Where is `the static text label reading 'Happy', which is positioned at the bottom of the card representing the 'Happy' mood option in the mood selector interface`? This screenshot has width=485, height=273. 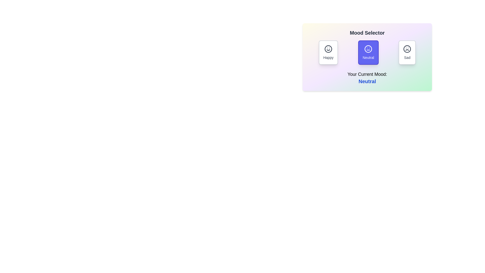 the static text label reading 'Happy', which is positioned at the bottom of the card representing the 'Happy' mood option in the mood selector interface is located at coordinates (328, 57).